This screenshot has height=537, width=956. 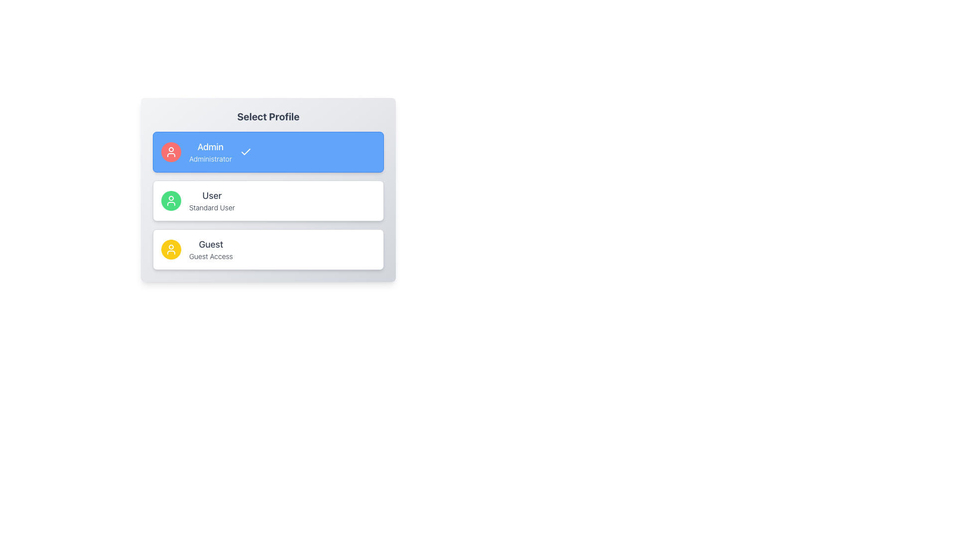 I want to click on the circular icon with a green background and white outline of a user figure, which is located in the second selectable profile card titled 'User', so click(x=171, y=201).